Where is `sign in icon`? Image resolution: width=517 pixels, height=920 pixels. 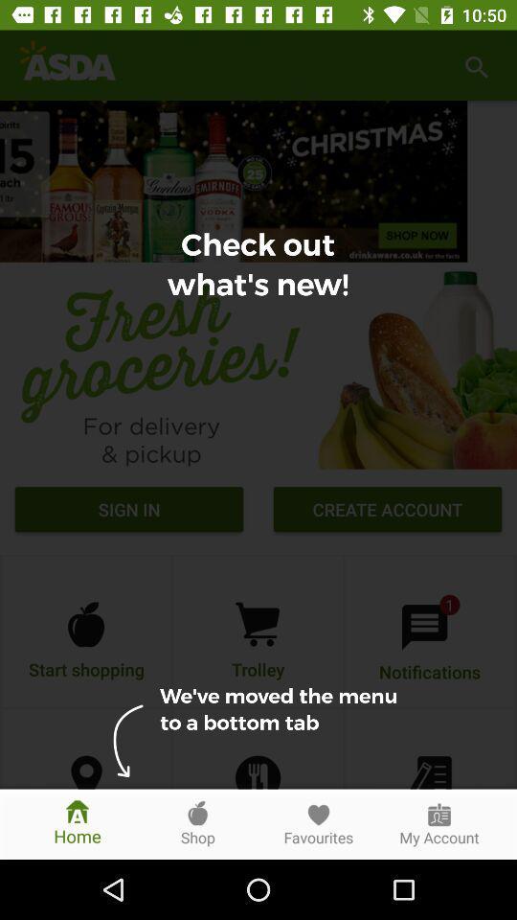
sign in icon is located at coordinates (129, 511).